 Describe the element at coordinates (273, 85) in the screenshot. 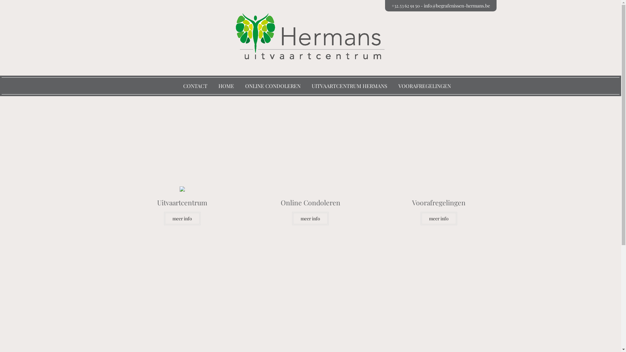

I see `'ONLINE CONDOLEREN'` at that location.